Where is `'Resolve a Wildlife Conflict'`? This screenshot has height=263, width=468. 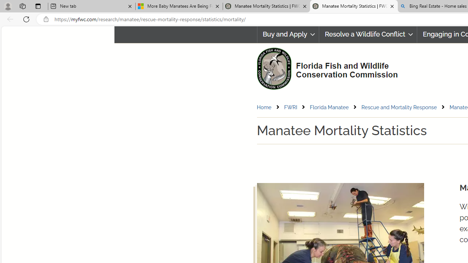 'Resolve a Wildlife Conflict' is located at coordinates (368, 34).